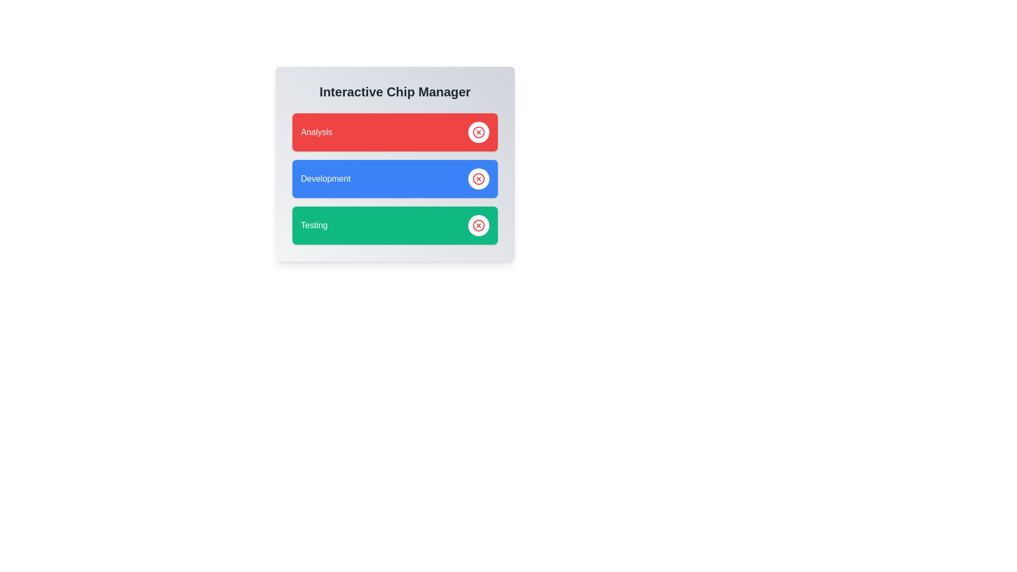  What do you see at coordinates (478, 132) in the screenshot?
I see `the close button of the 'Analysis' chip to remove it` at bounding box center [478, 132].